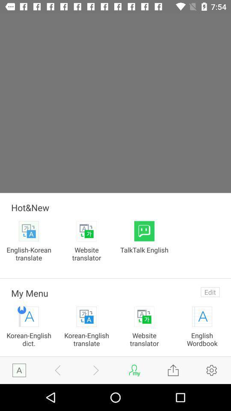 This screenshot has height=411, width=231. What do you see at coordinates (210, 292) in the screenshot?
I see `the edit` at bounding box center [210, 292].